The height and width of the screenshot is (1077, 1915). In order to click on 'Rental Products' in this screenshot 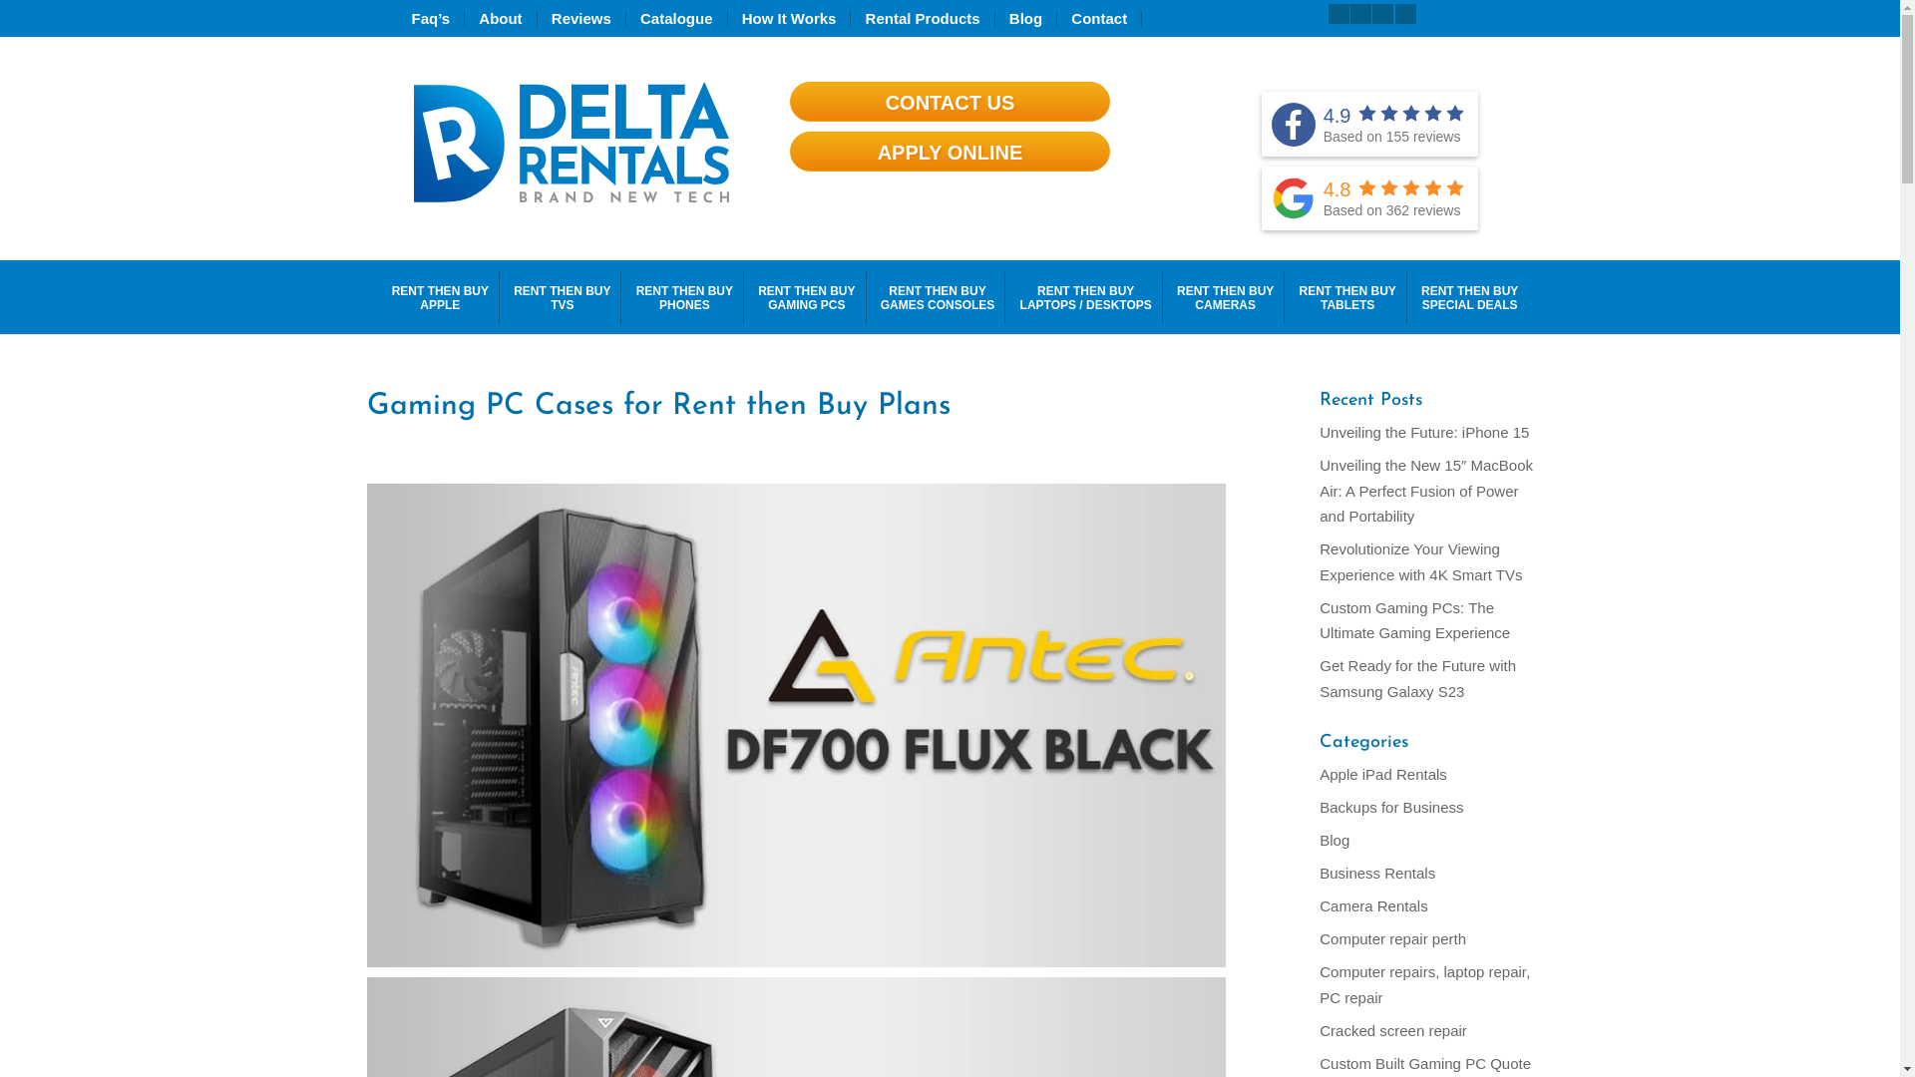, I will do `click(929, 19)`.